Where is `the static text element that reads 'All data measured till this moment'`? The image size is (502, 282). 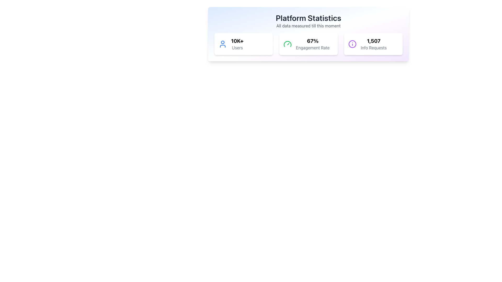 the static text element that reads 'All data measured till this moment' is located at coordinates (309, 26).